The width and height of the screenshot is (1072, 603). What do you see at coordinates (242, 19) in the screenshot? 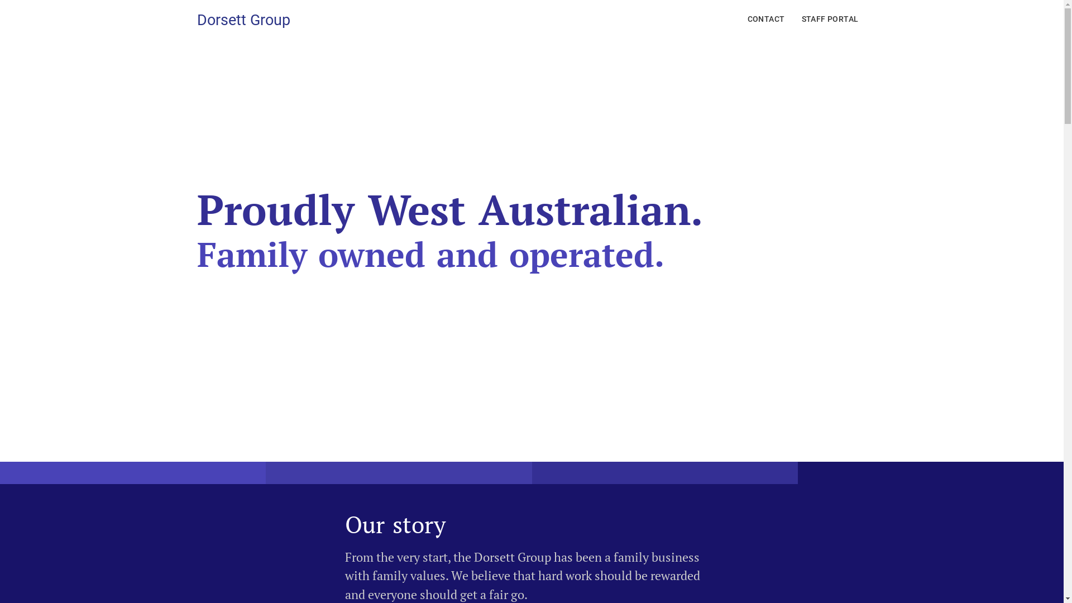
I see `'Dorsett Group'` at bounding box center [242, 19].